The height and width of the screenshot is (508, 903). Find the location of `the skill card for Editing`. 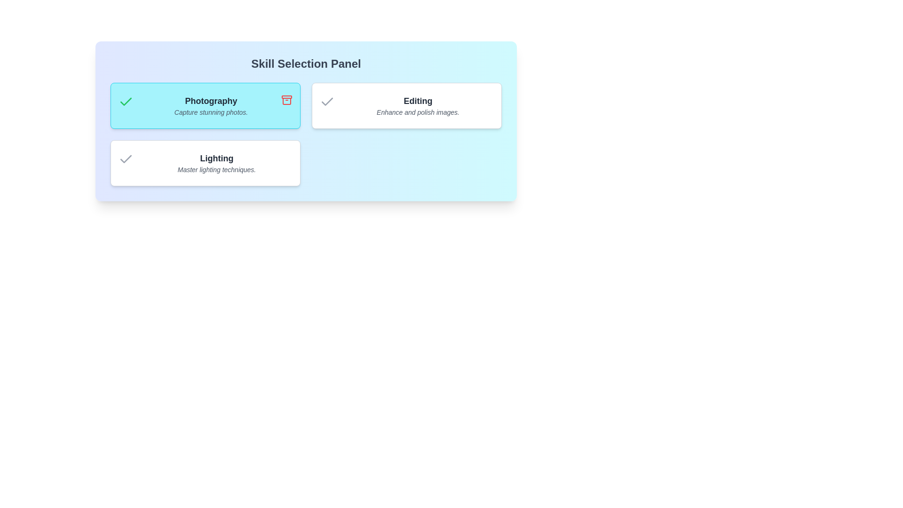

the skill card for Editing is located at coordinates (406, 105).